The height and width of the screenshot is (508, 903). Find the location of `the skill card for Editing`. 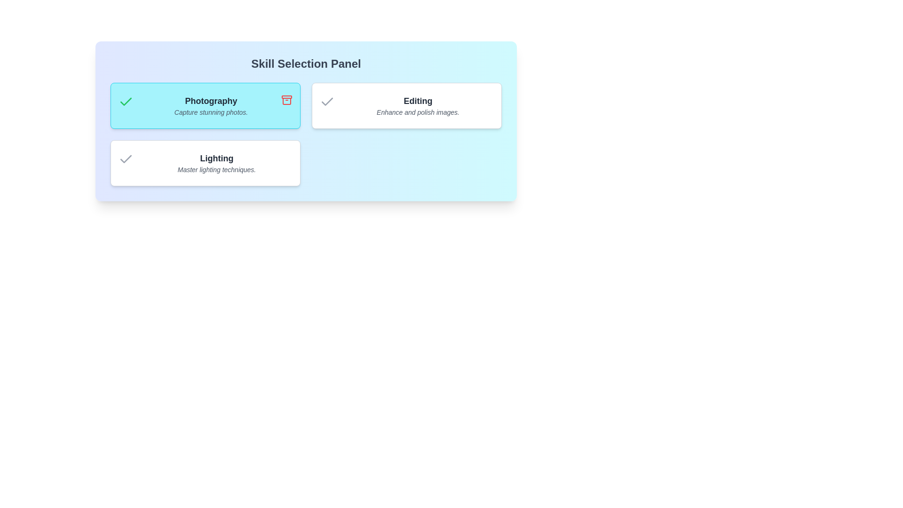

the skill card for Editing is located at coordinates (406, 105).